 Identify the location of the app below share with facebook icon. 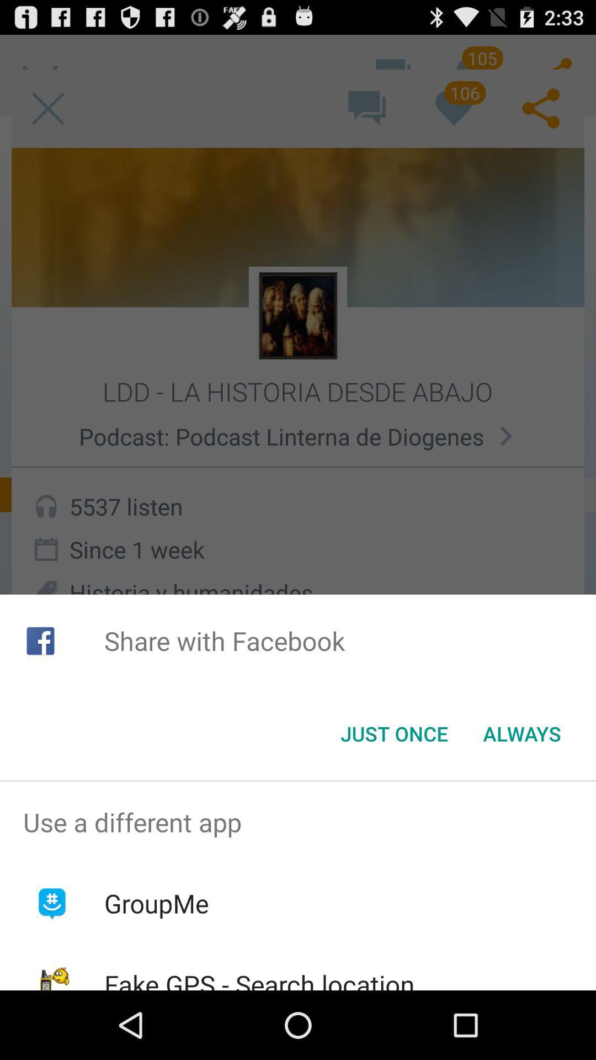
(393, 734).